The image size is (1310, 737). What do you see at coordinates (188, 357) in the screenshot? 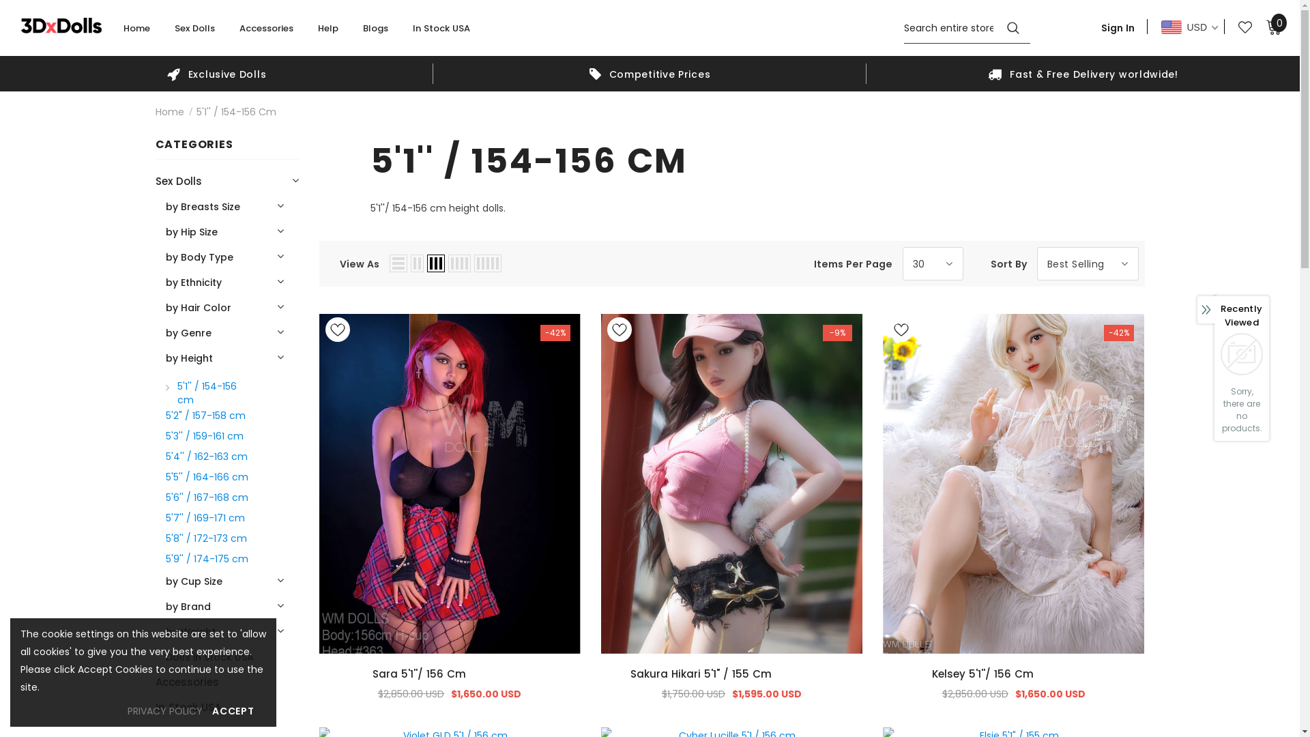
I see `'by Height'` at bounding box center [188, 357].